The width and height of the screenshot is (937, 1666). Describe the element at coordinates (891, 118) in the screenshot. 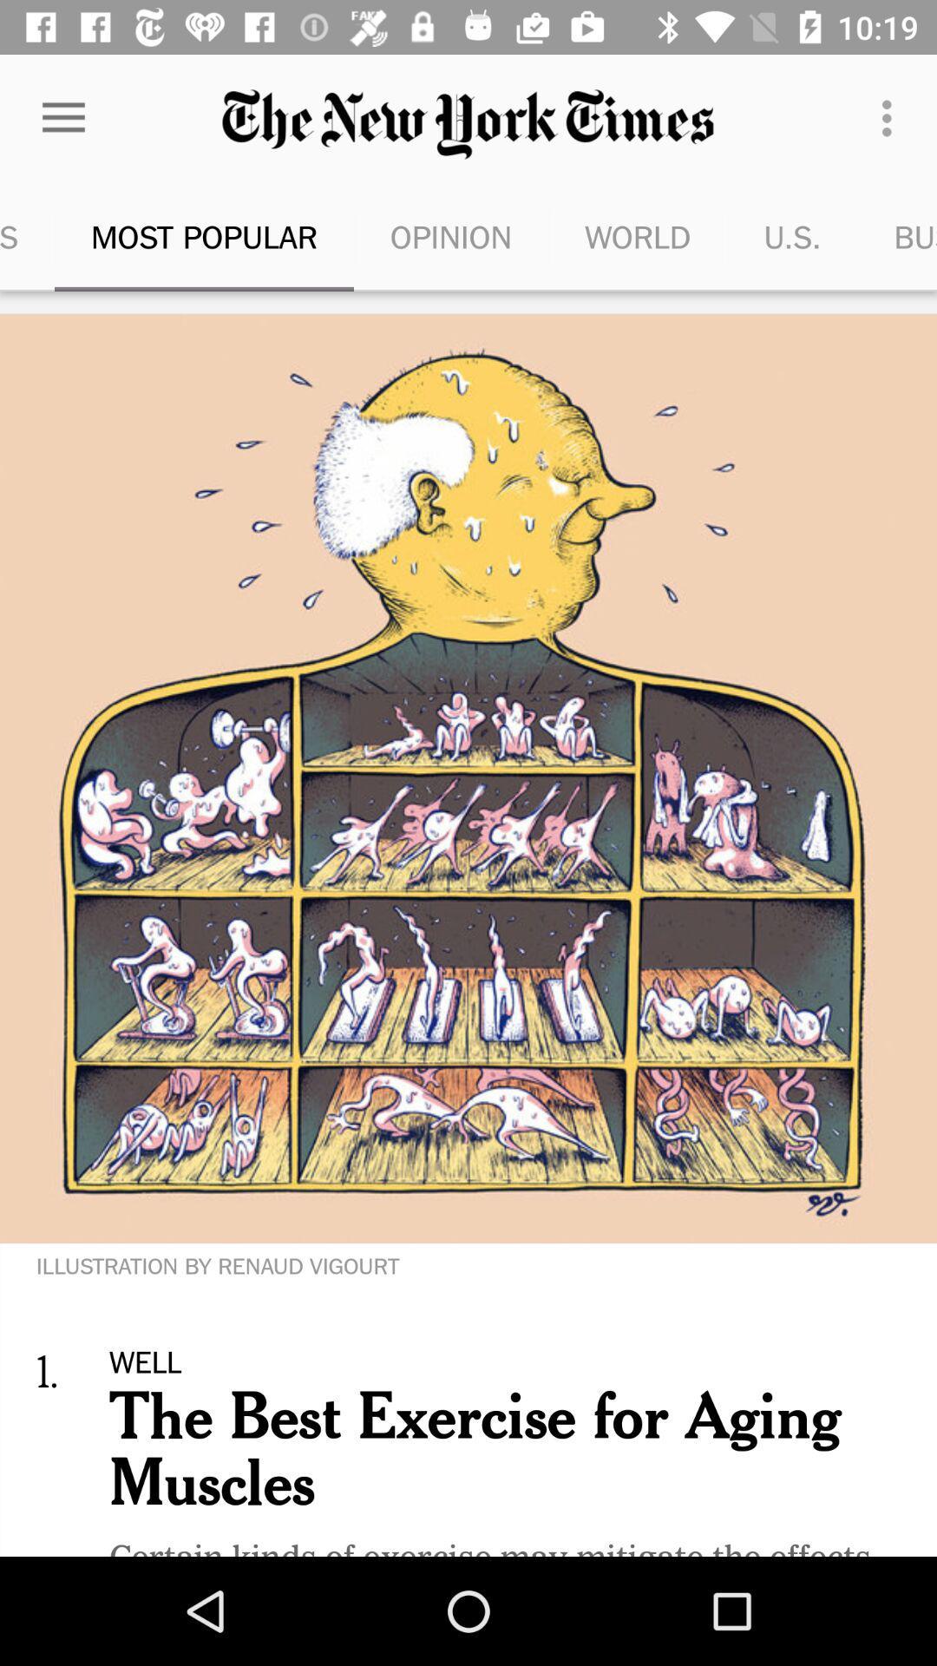

I see `the button which is above bu` at that location.